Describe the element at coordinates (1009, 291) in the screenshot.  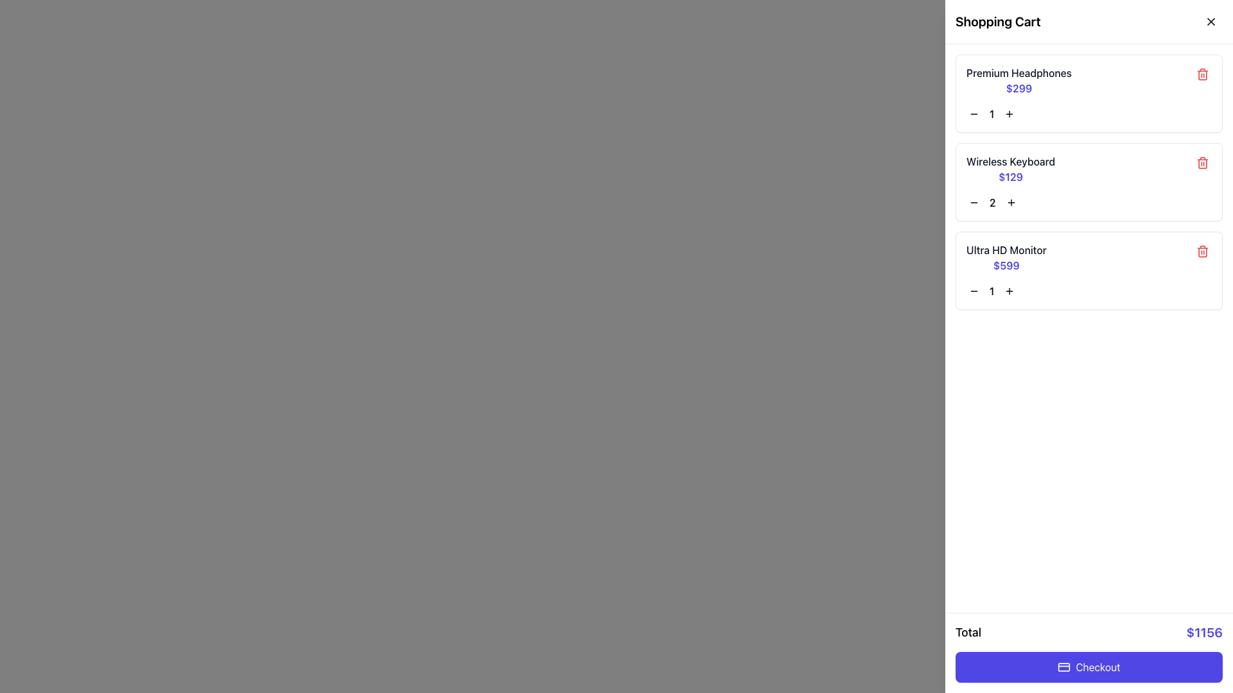
I see `the increment button styled as a small circular icon with a '+' symbol, located in the quantity section of the shopping cart for the 'Ultra HD Monitor.'` at that location.